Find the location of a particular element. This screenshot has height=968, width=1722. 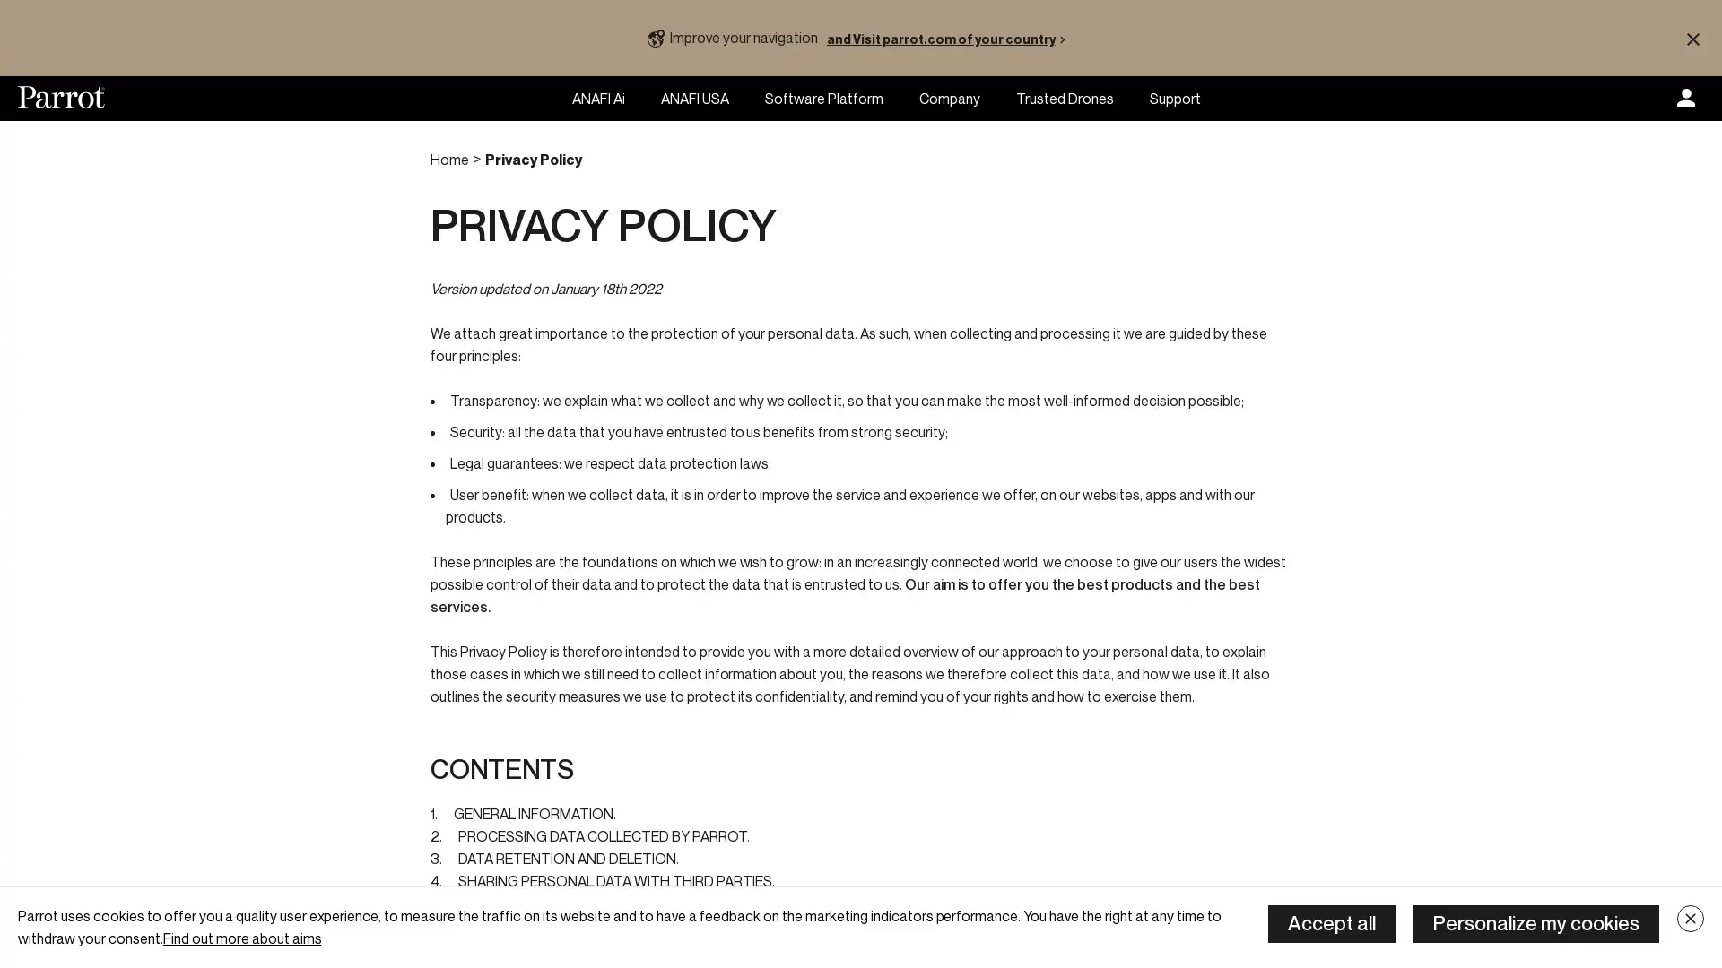

Personalize my cookies is located at coordinates (1535, 923).